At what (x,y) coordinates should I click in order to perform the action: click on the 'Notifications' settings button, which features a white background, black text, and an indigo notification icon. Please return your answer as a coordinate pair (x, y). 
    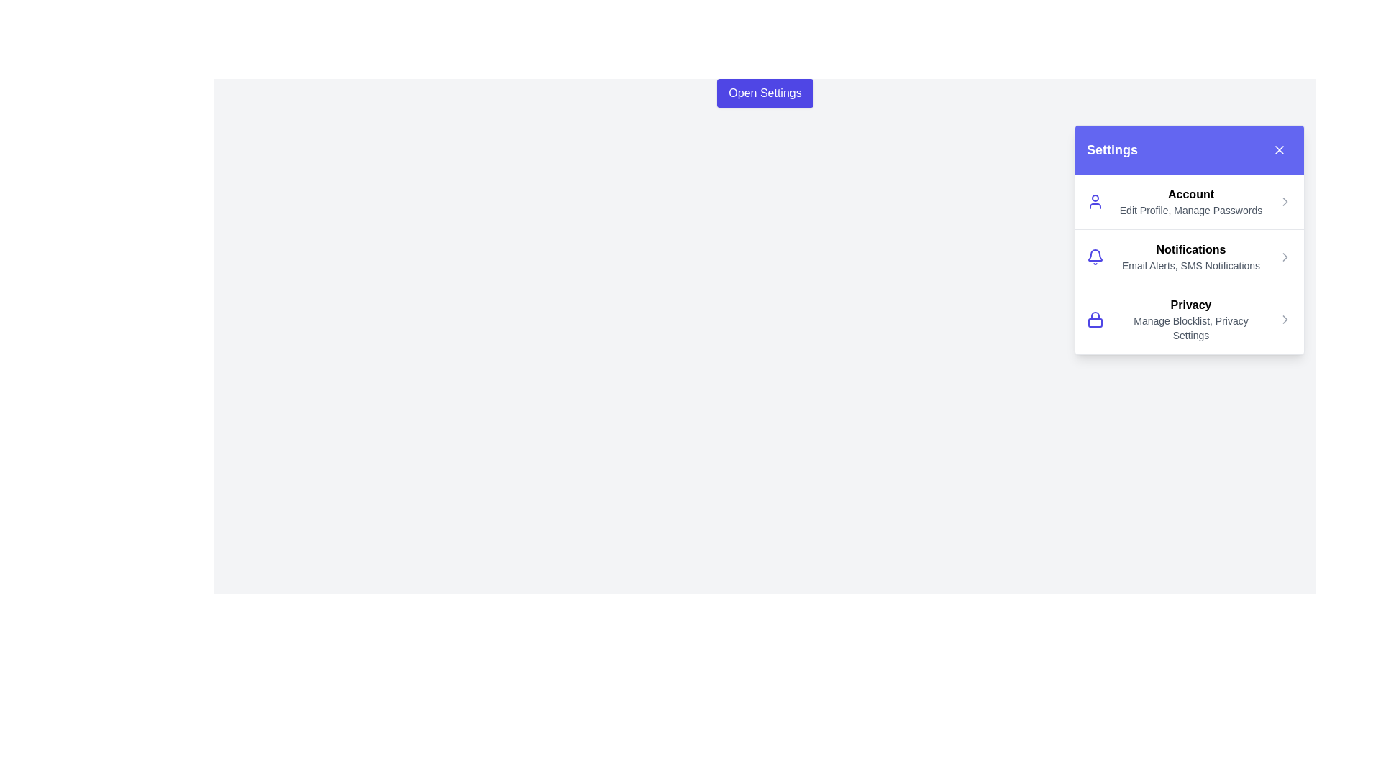
    Looking at the image, I should click on (1190, 239).